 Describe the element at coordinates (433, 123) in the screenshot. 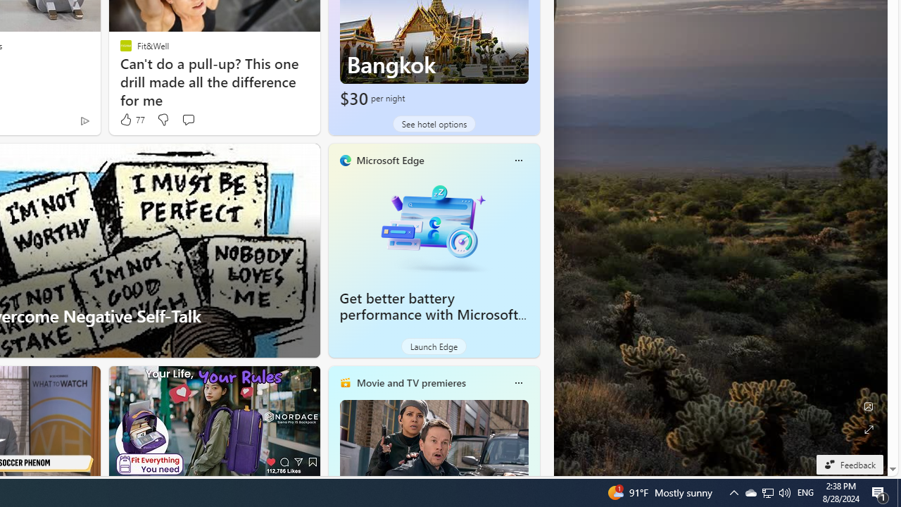

I see `'See hotel options'` at that location.